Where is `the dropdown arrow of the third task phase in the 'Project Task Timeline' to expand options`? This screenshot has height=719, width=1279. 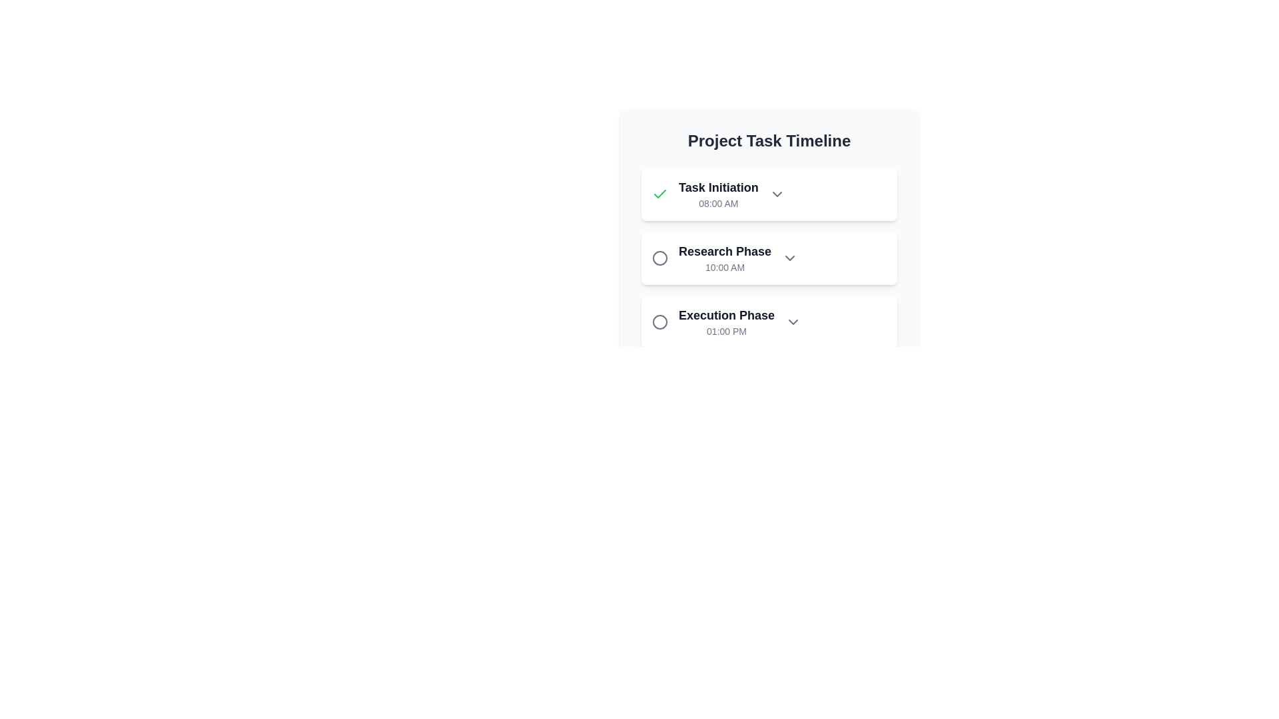 the dropdown arrow of the third task phase in the 'Project Task Timeline' to expand options is located at coordinates (769, 322).